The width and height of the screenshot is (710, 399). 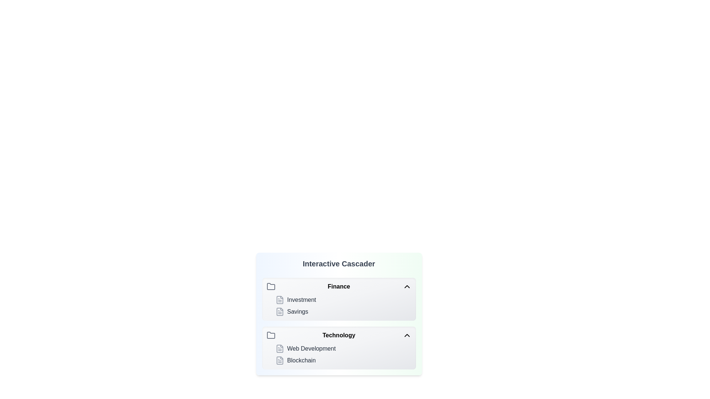 What do you see at coordinates (406, 335) in the screenshot?
I see `the Icon Button located on the right side of the 'Technology' header to trigger interaction feedback` at bounding box center [406, 335].